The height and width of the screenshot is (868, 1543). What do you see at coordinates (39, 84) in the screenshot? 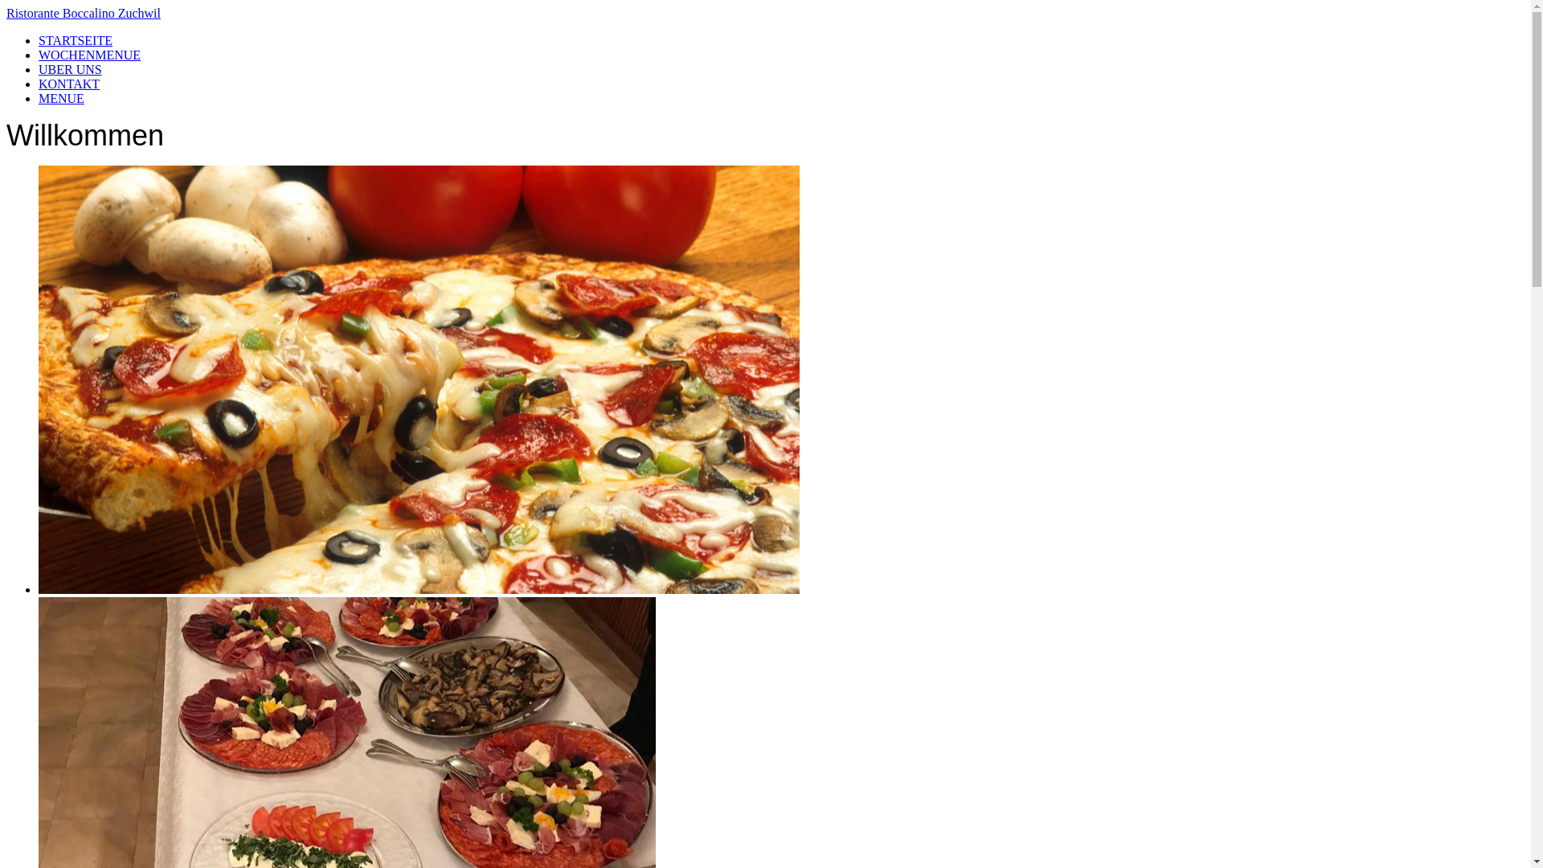
I see `'KONTAKT'` at bounding box center [39, 84].